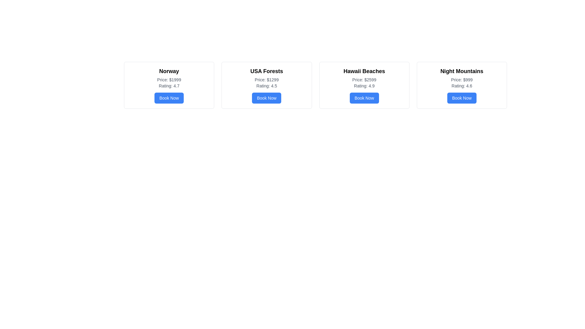  What do you see at coordinates (169, 80) in the screenshot?
I see `the static text label displaying 'Price: $1999' which is located beneath the title 'Norway' and above the rating text 'Rating: 4.7'` at bounding box center [169, 80].